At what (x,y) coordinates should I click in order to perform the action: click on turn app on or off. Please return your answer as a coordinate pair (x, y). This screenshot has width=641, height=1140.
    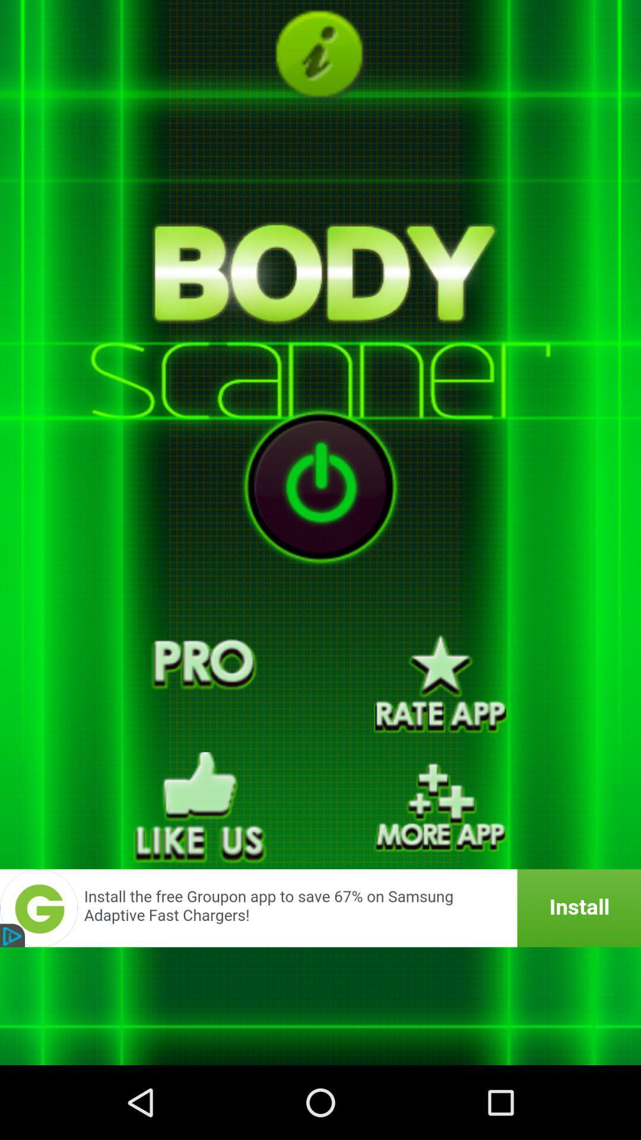
    Looking at the image, I should click on (320, 486).